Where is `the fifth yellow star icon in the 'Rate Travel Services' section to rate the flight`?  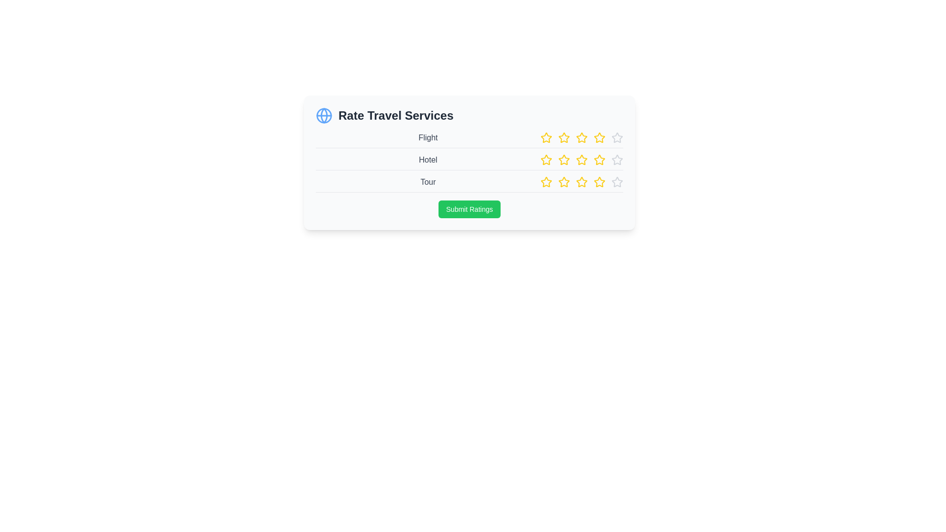 the fifth yellow star icon in the 'Rate Travel Services' section to rate the flight is located at coordinates (598, 137).